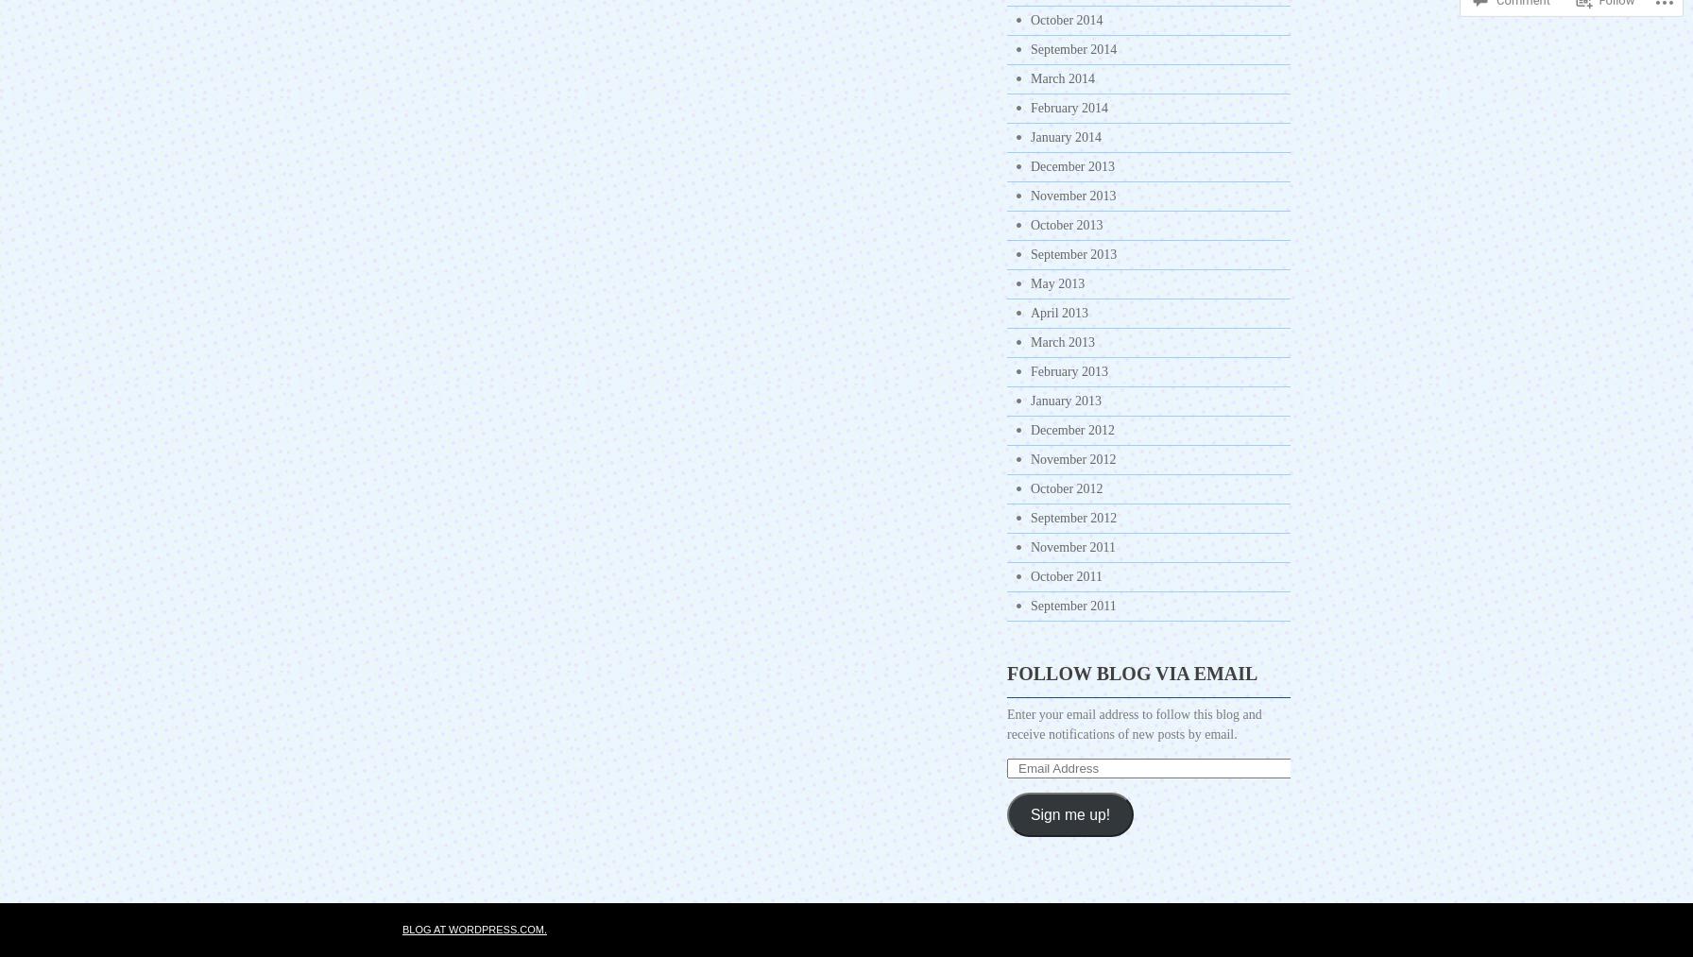  What do you see at coordinates (1030, 313) in the screenshot?
I see `'April 2013'` at bounding box center [1030, 313].